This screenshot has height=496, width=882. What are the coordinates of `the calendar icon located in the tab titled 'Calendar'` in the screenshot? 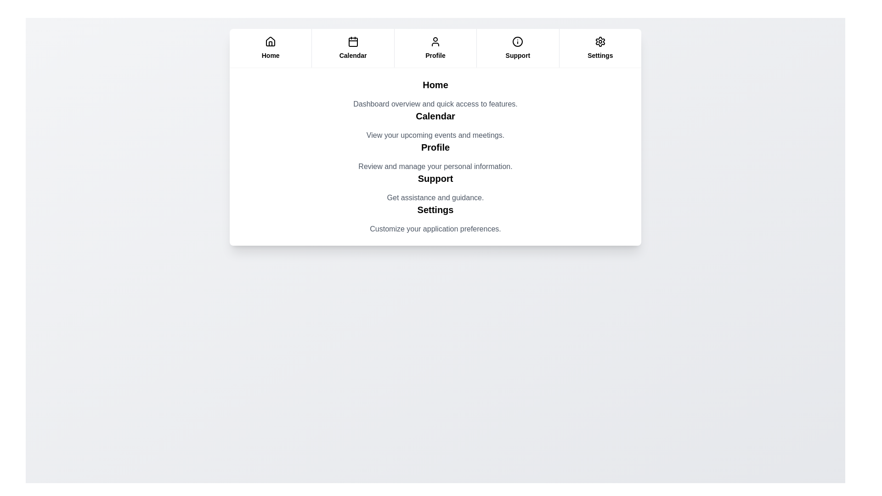 It's located at (352, 42).